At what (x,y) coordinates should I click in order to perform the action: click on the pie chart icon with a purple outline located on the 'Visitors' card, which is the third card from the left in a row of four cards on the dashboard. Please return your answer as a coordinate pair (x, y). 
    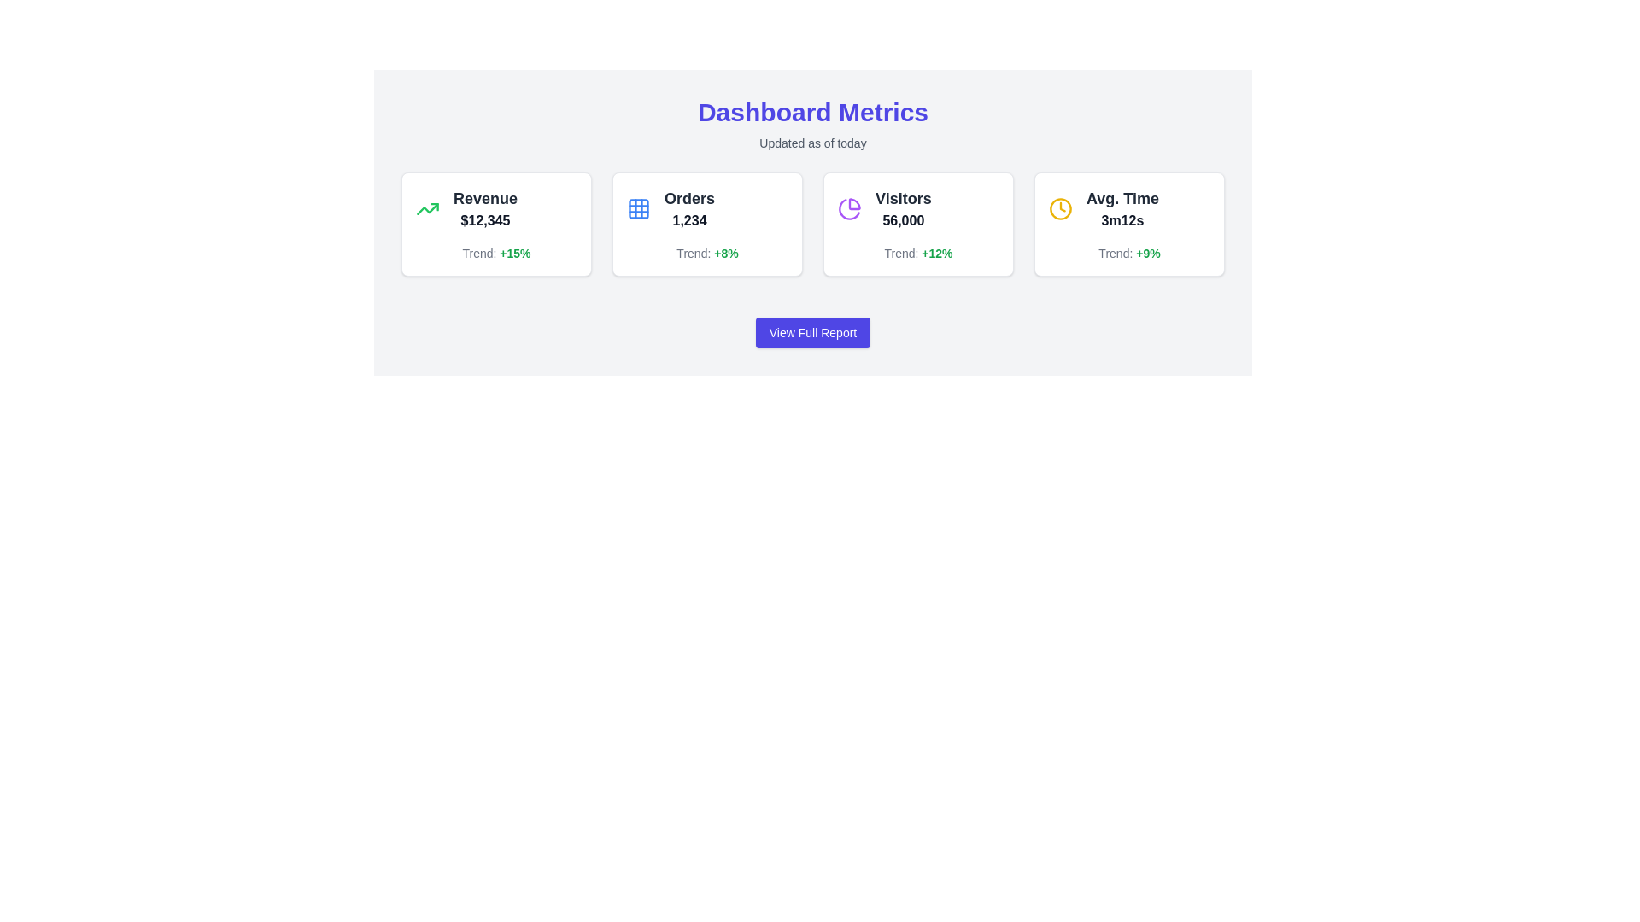
    Looking at the image, I should click on (849, 208).